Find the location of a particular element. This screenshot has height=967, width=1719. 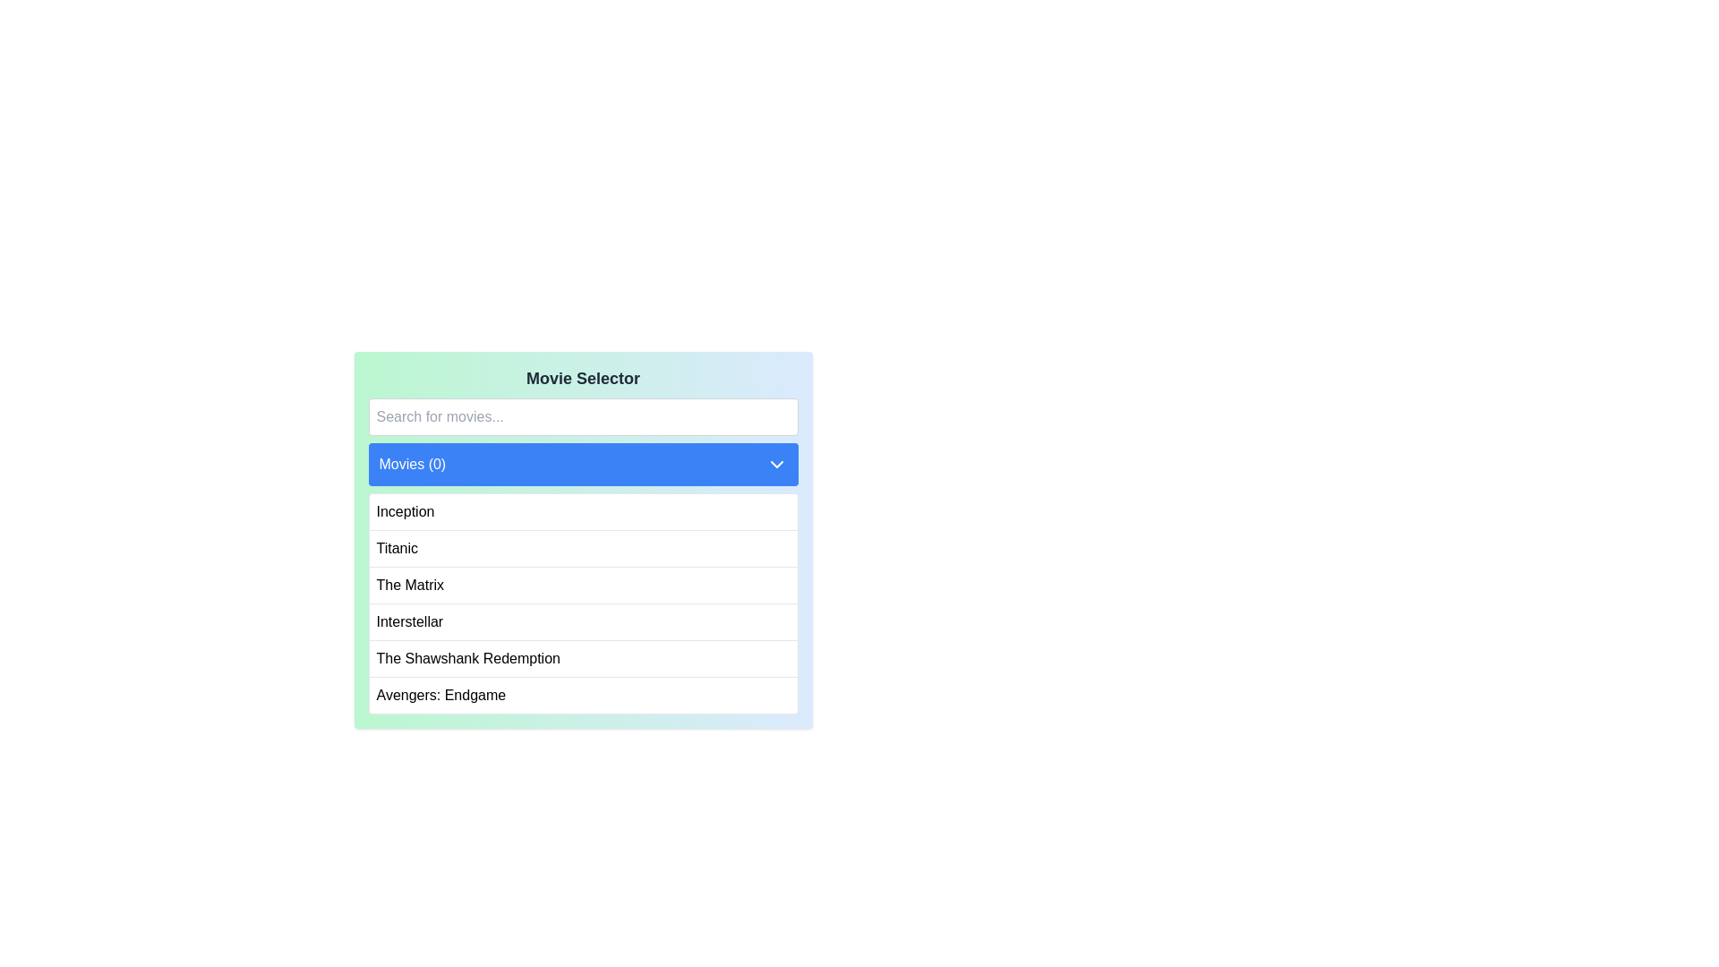

the second item in the movie list is located at coordinates (583, 547).